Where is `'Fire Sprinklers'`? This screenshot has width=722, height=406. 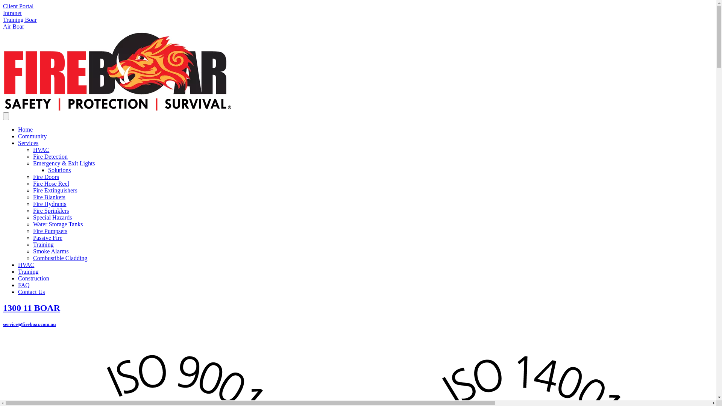
'Fire Sprinklers' is located at coordinates (32, 211).